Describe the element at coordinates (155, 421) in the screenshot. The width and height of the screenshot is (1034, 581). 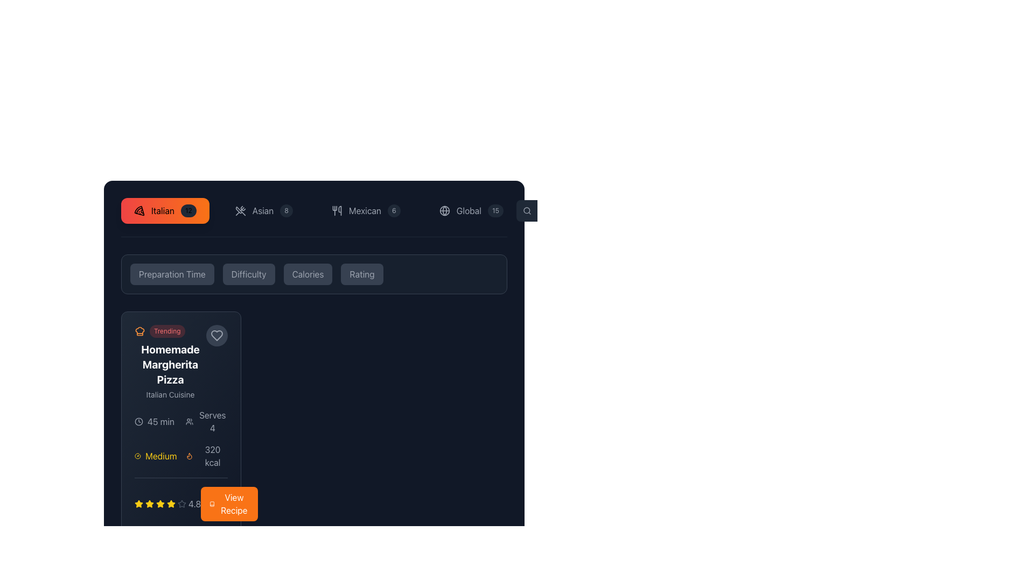
I see `preparation time displayed on the icon with a text label located in the top-left quadrant of the recipe card layout` at that location.